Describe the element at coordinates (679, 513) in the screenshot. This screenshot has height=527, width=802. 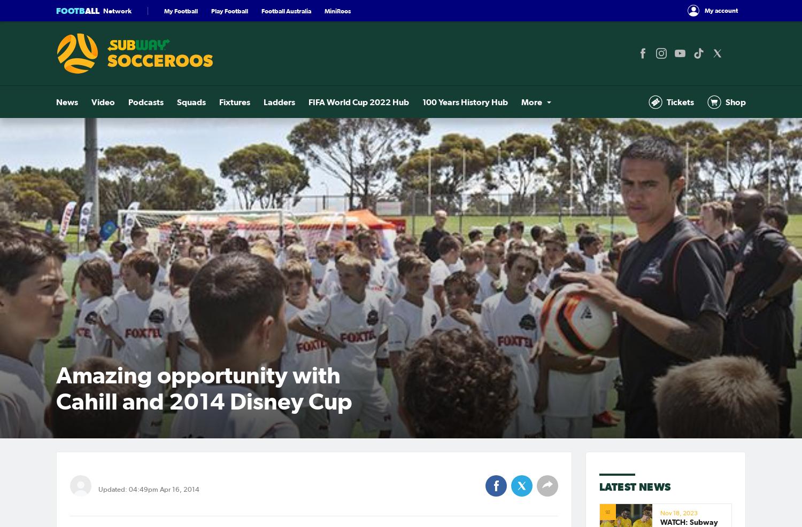
I see `'Nov 18, 2023'` at that location.